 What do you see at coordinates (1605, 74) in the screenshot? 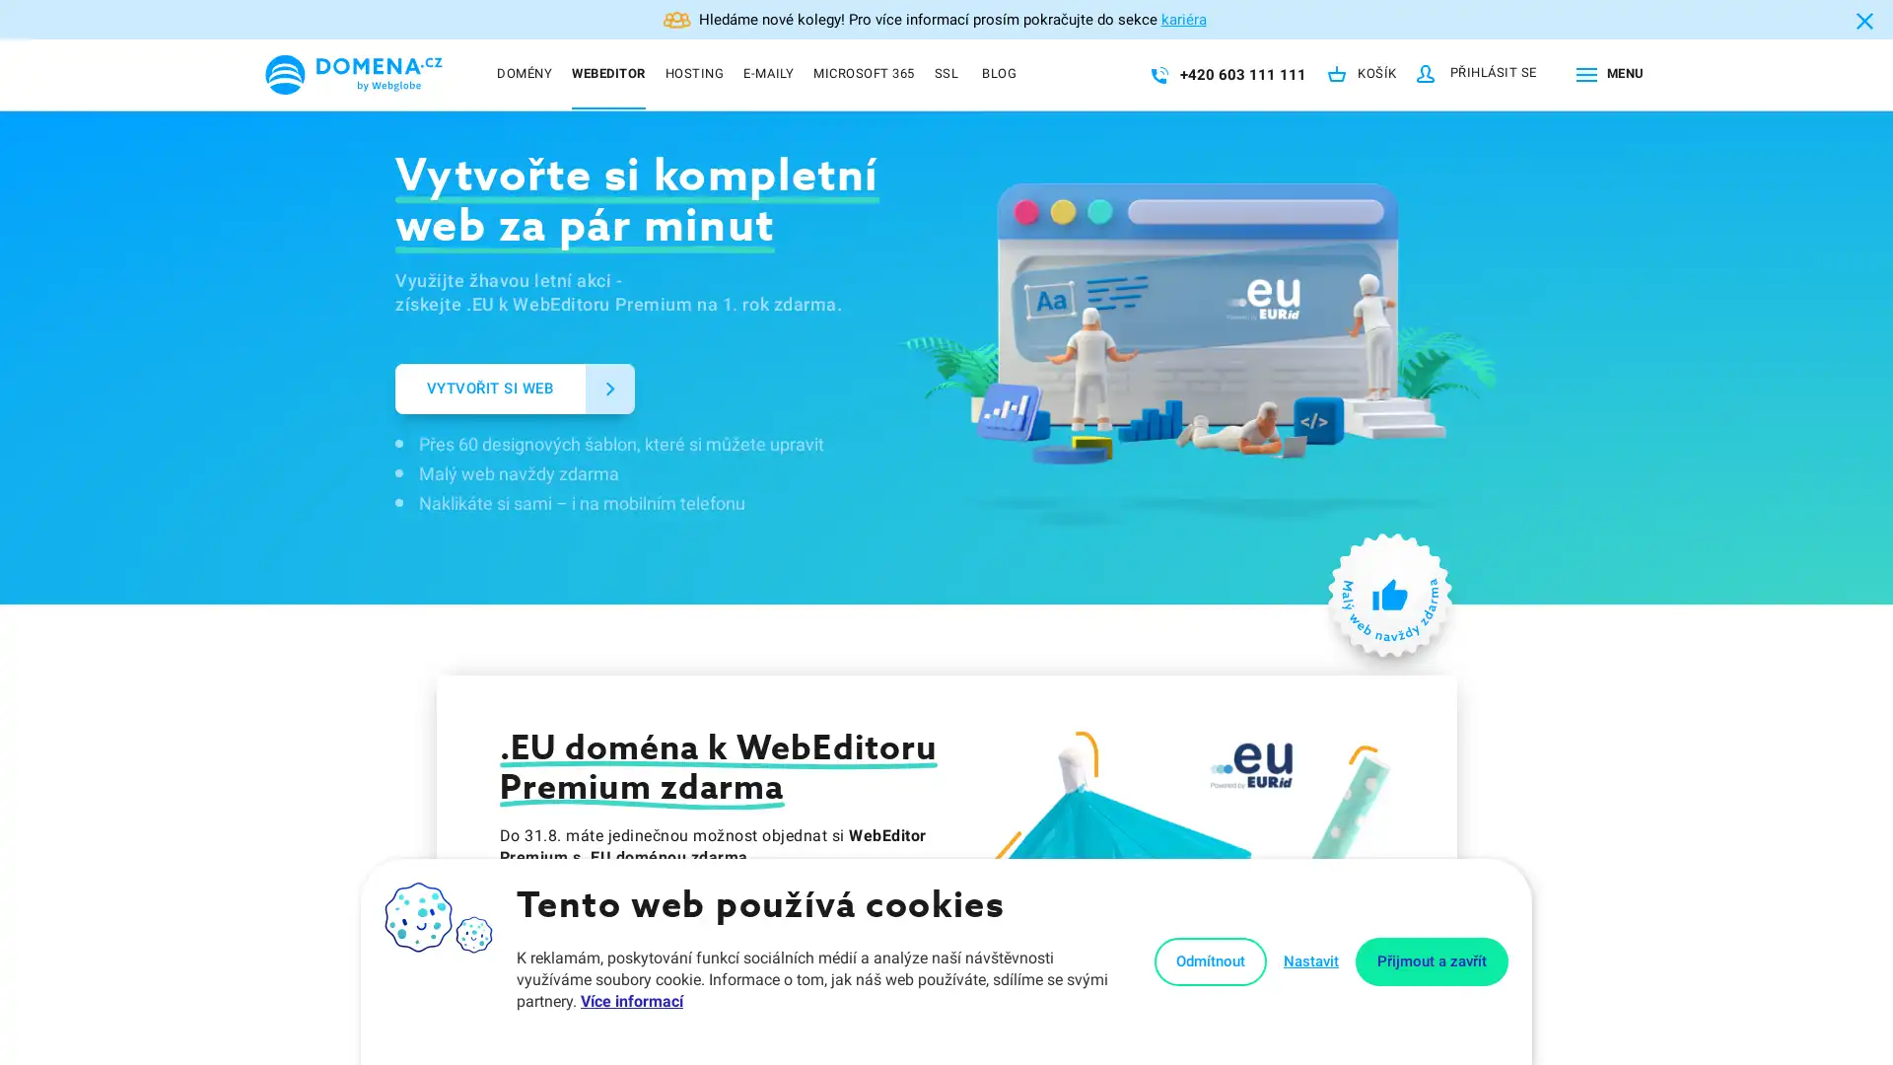
I see `menu MENU` at bounding box center [1605, 74].